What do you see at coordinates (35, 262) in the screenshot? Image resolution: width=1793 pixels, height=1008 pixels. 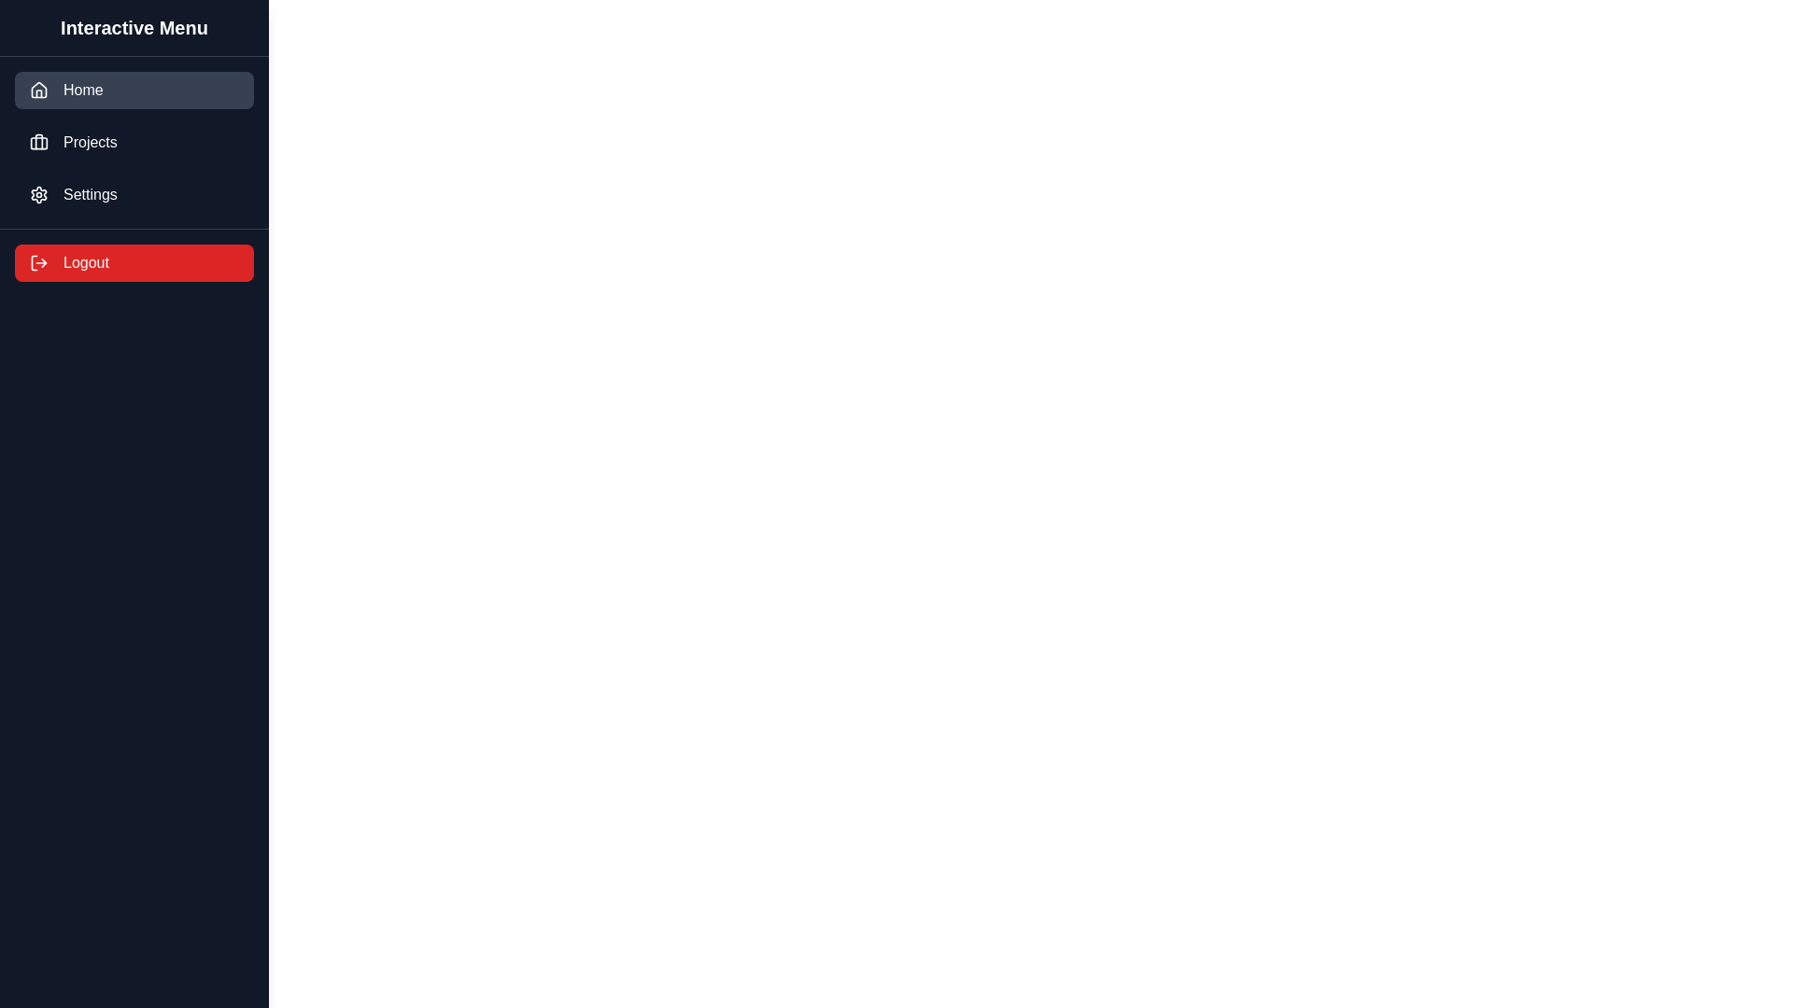 I see `the vertical line vector graphic component that is part of the logout icon located to the left of the 'Logout' label in the sidebar` at bounding box center [35, 262].